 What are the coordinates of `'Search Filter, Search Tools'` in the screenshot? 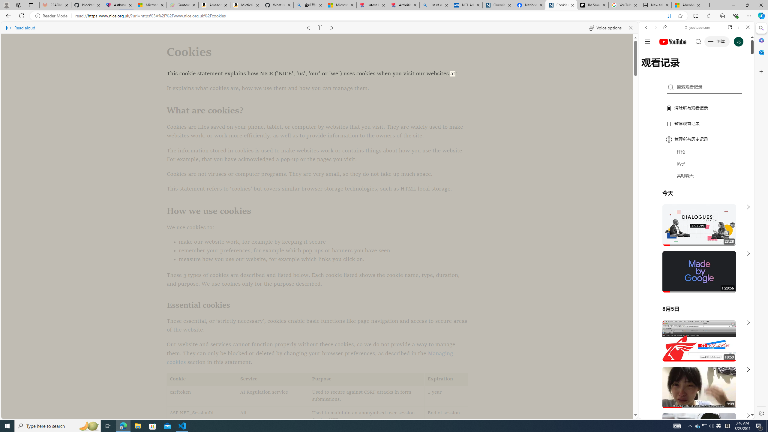 It's located at (712, 68).